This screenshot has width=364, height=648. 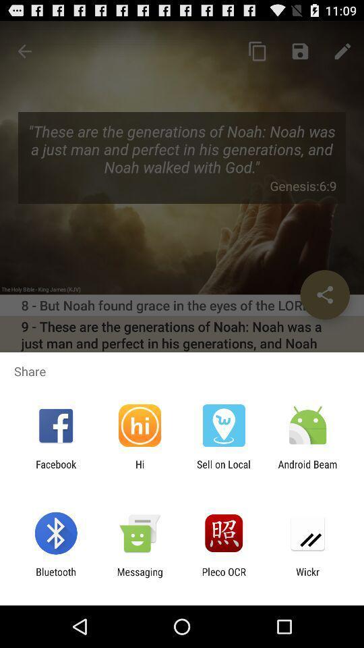 What do you see at coordinates (139, 470) in the screenshot?
I see `icon to the left of sell on local app` at bounding box center [139, 470].